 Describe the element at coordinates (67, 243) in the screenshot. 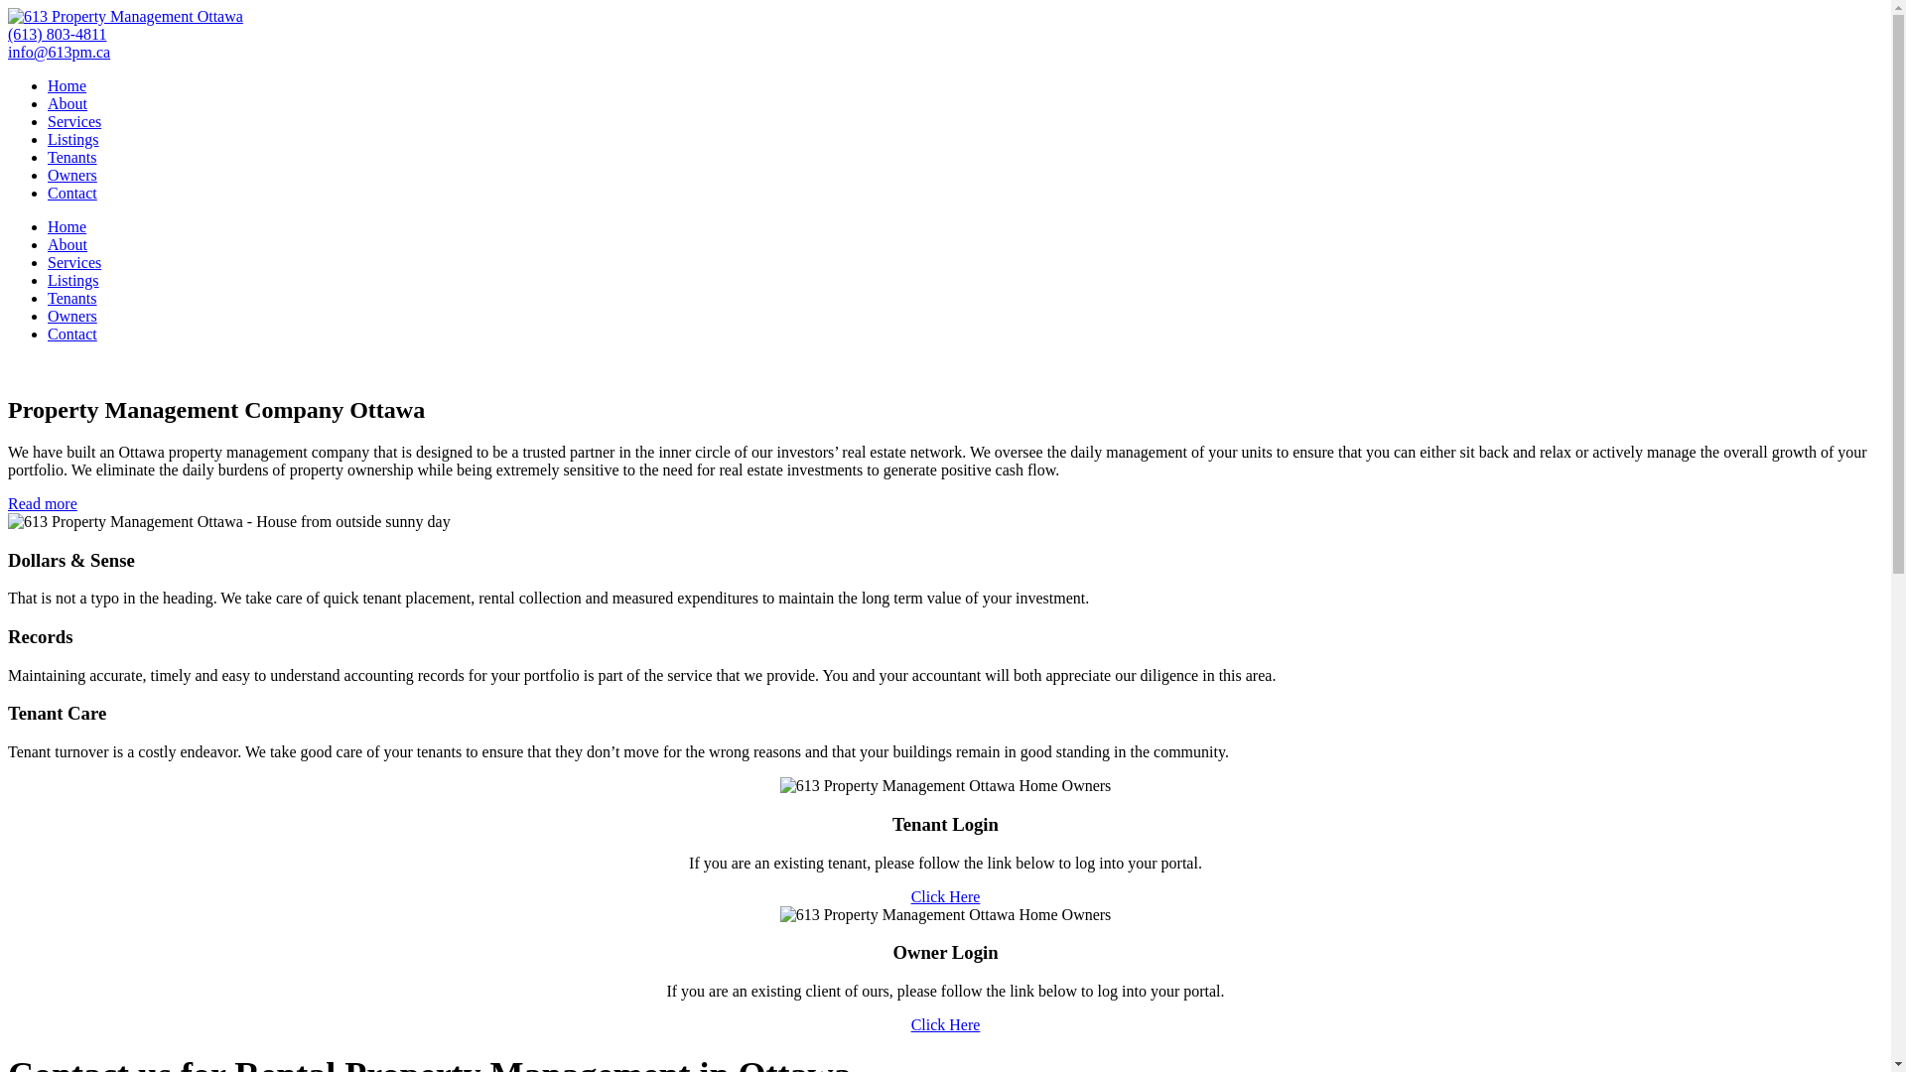

I see `'About'` at that location.